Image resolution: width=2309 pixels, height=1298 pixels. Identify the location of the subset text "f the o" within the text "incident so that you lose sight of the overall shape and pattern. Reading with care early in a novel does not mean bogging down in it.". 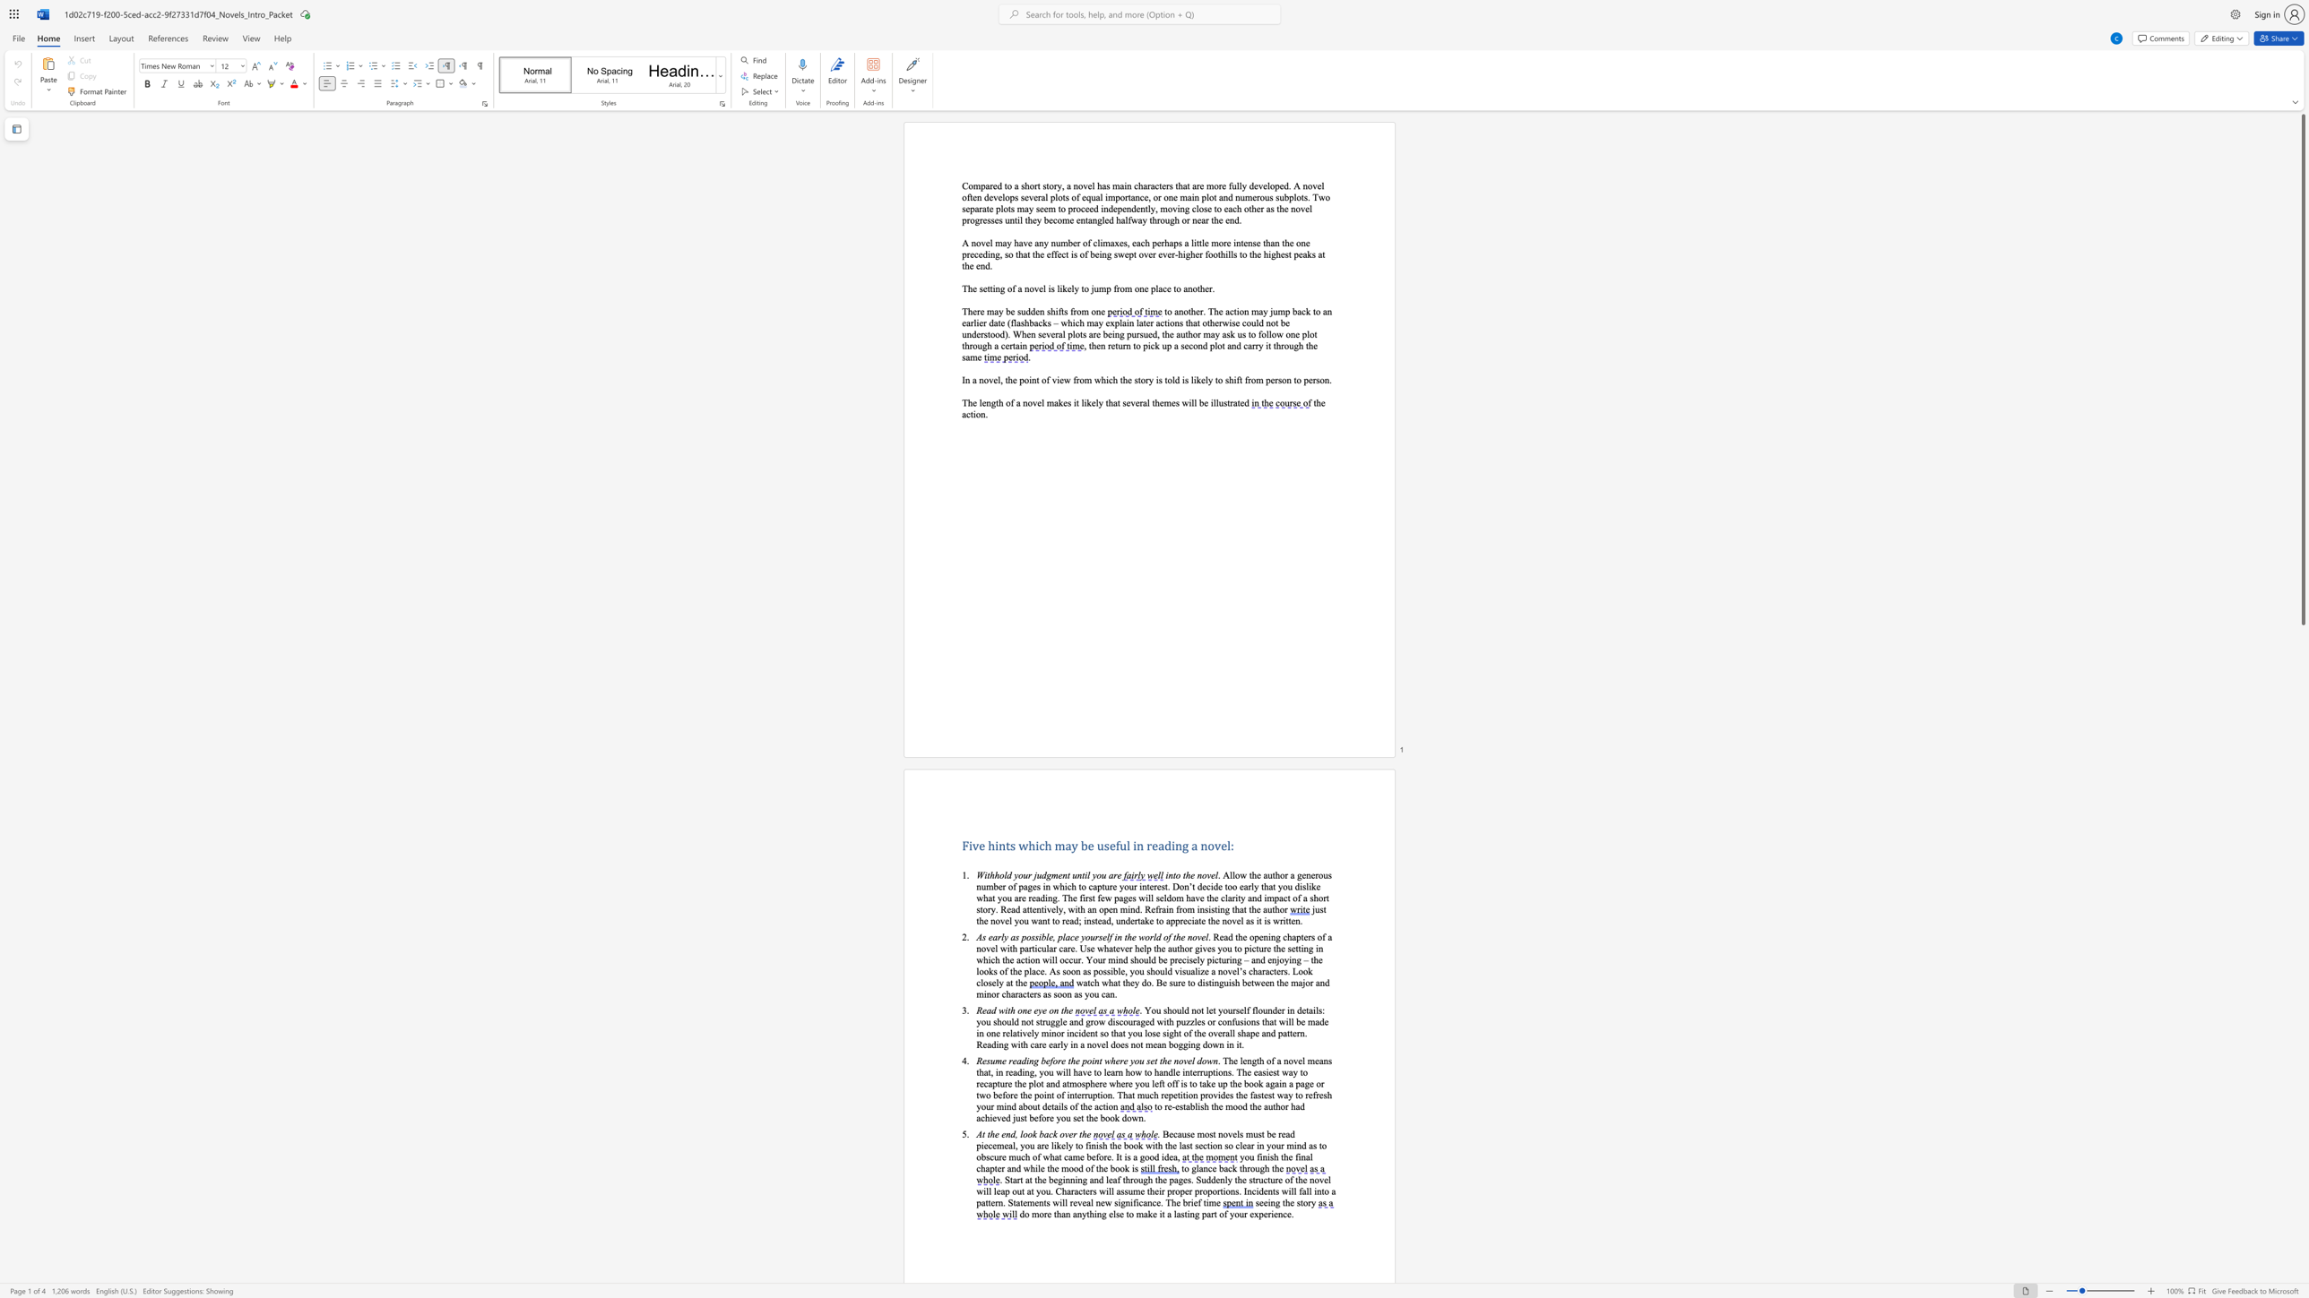
(1189, 1032).